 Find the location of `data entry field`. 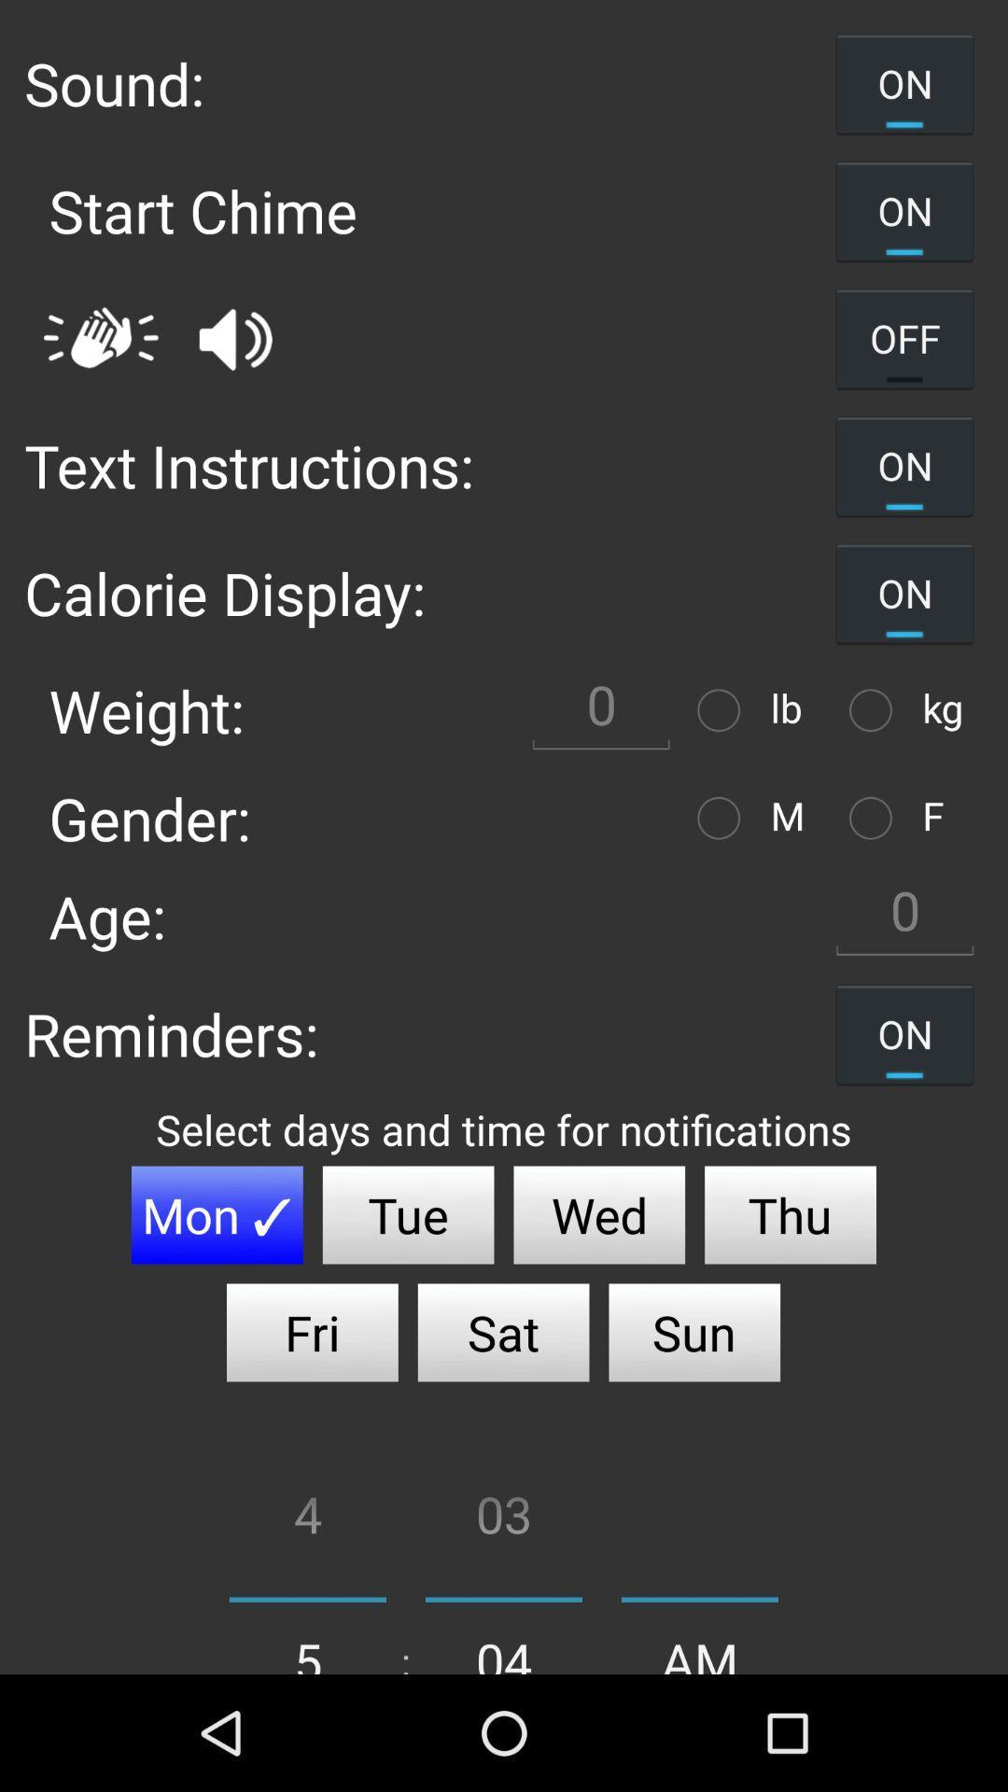

data entry field is located at coordinates (903, 916).